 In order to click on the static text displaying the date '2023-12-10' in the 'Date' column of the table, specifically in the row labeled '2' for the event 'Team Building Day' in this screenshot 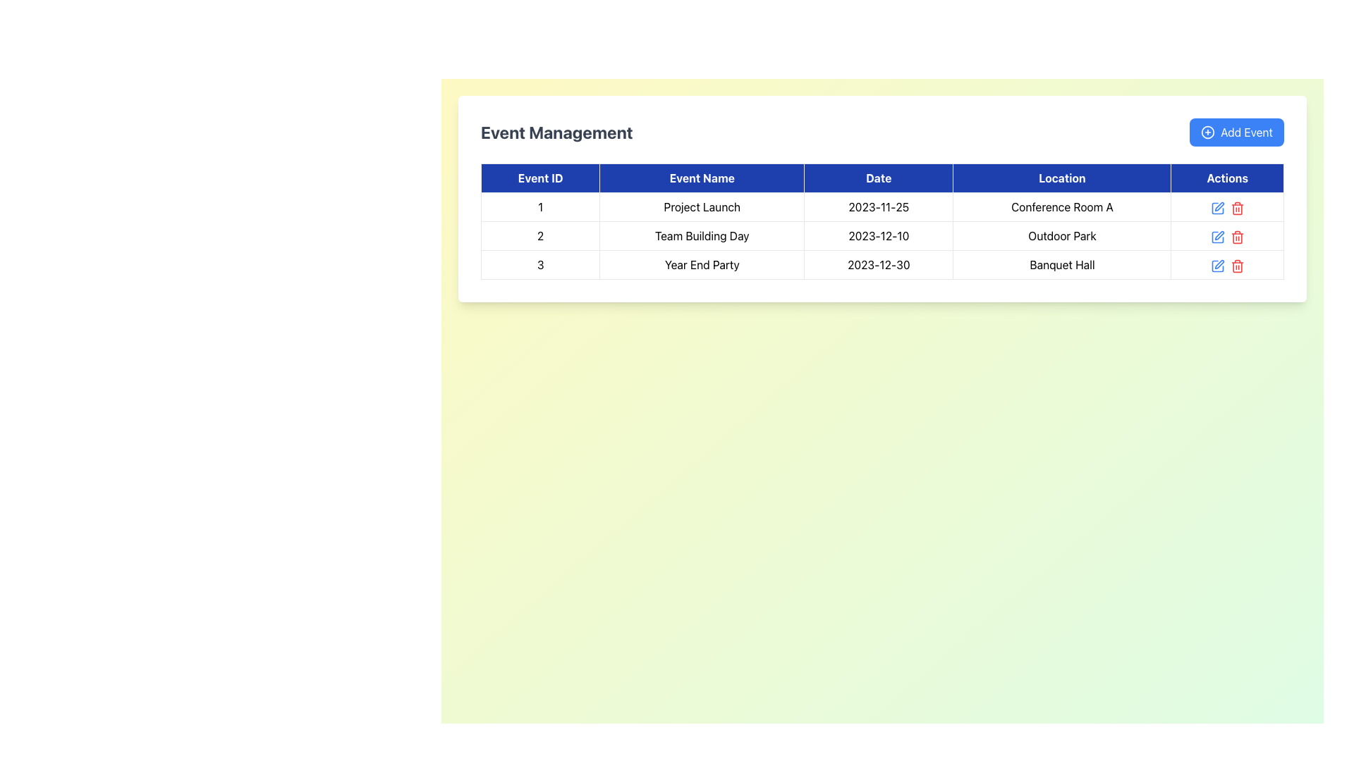, I will do `click(878, 235)`.